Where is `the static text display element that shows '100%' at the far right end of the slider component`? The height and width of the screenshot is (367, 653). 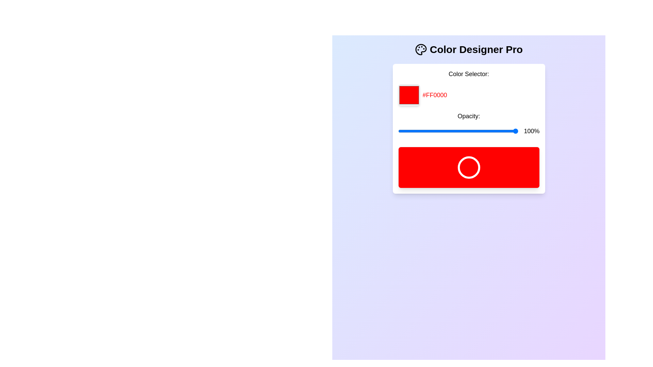
the static text display element that shows '100%' at the far right end of the slider component is located at coordinates (531, 131).